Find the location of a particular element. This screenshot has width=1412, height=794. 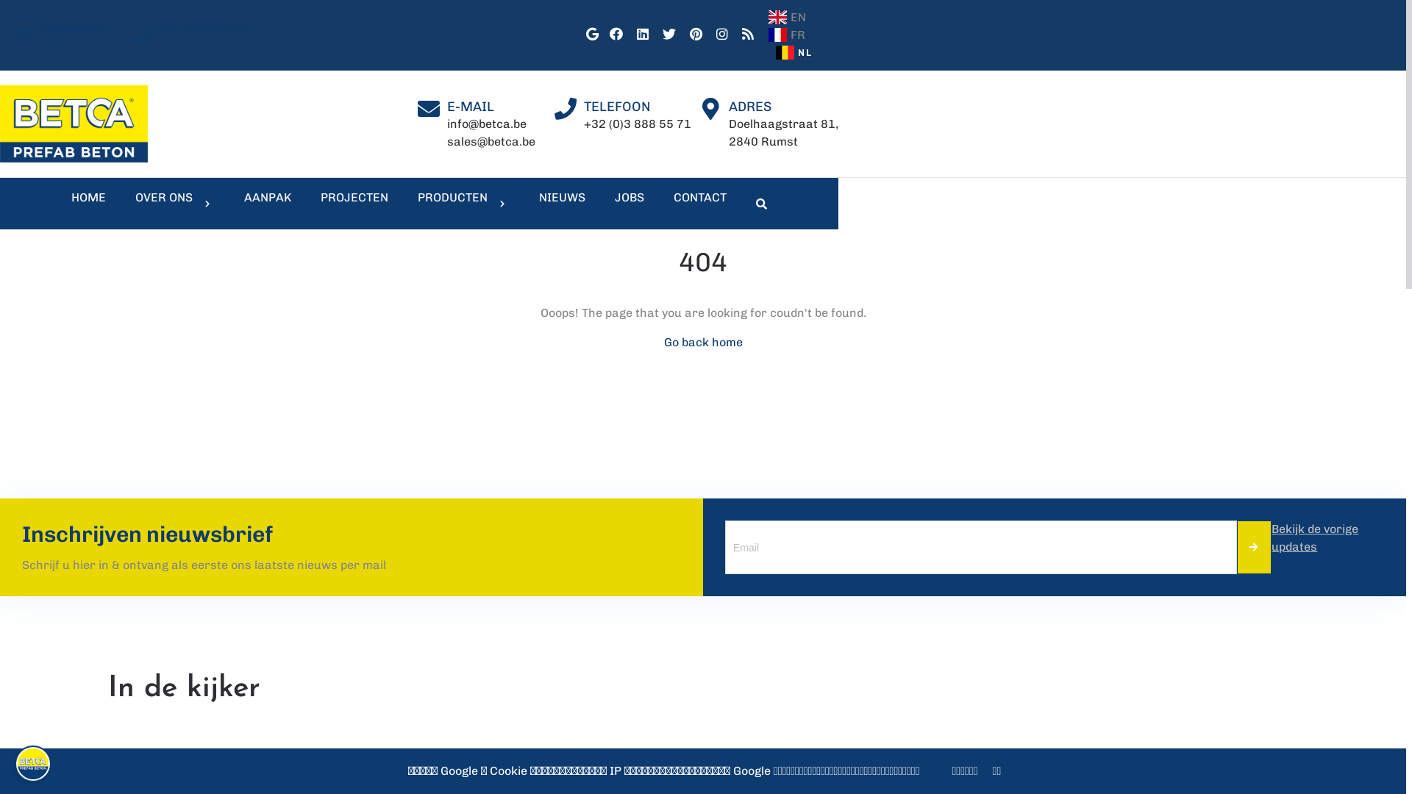

'HOME' is located at coordinates (88, 204).